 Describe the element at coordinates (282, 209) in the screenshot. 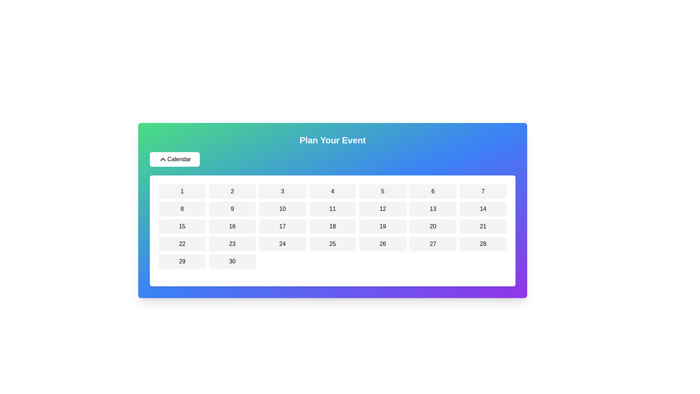

I see `the button displaying '10' in the second row and third column of the grid layout` at that location.